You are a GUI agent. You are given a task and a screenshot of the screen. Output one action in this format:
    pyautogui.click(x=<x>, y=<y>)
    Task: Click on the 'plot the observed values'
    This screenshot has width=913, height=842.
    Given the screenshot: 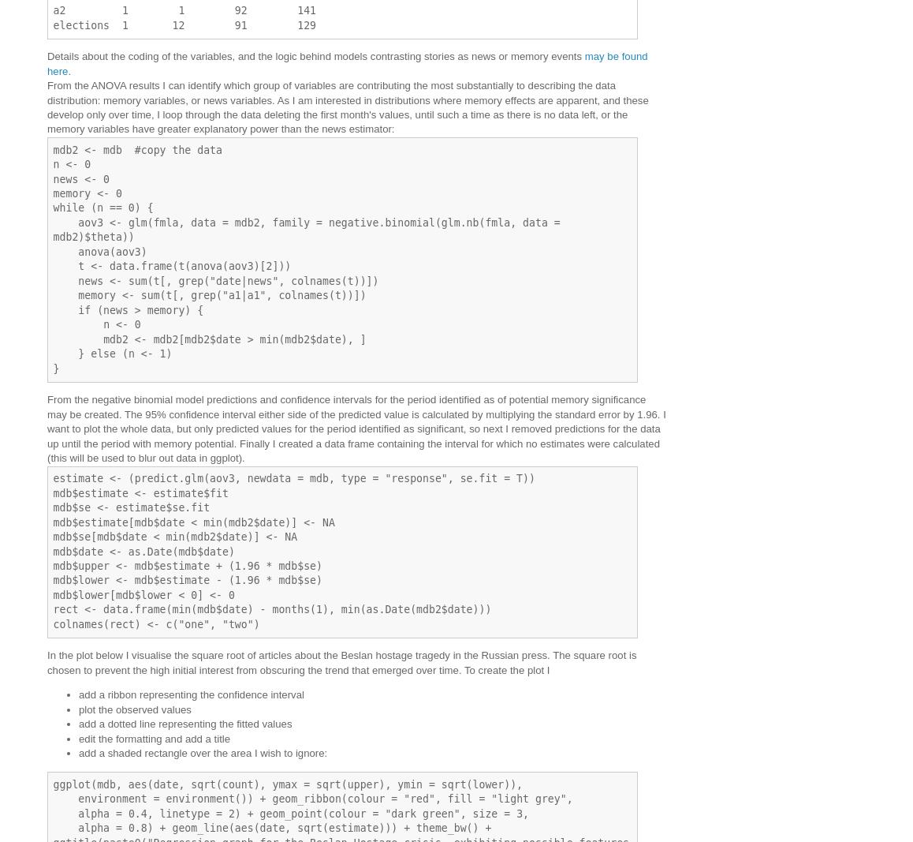 What is the action you would take?
    pyautogui.click(x=134, y=709)
    